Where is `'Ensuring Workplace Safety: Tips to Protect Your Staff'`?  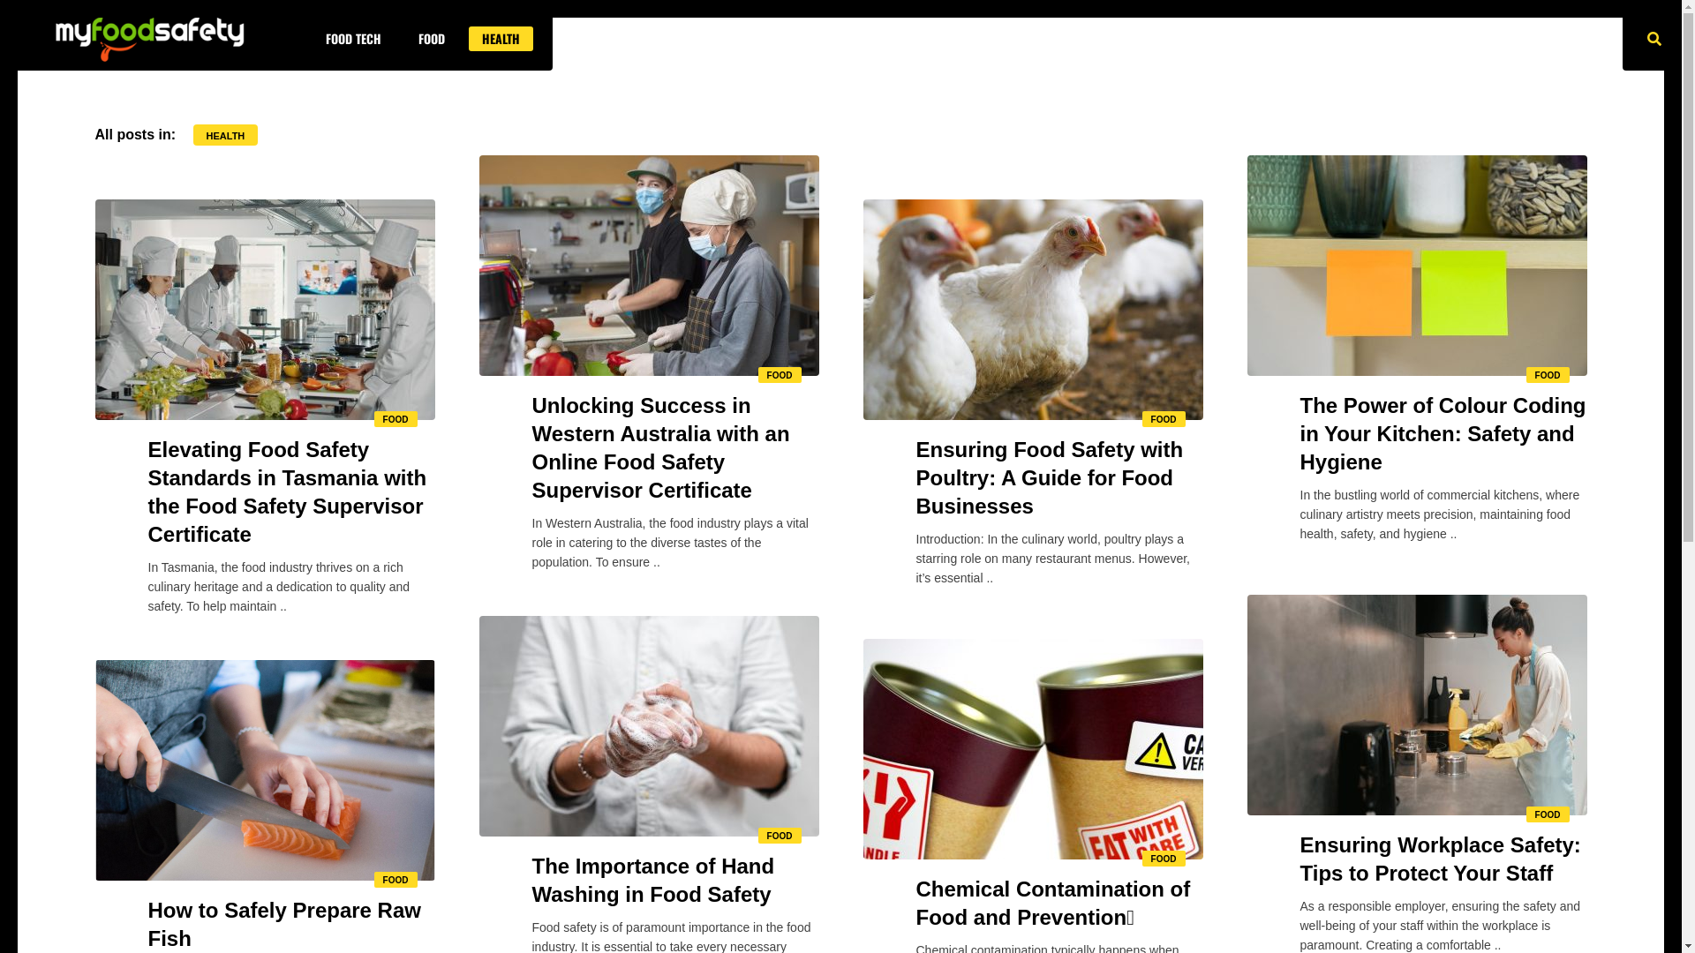
'Ensuring Workplace Safety: Tips to Protect Your Staff' is located at coordinates (1443, 859).